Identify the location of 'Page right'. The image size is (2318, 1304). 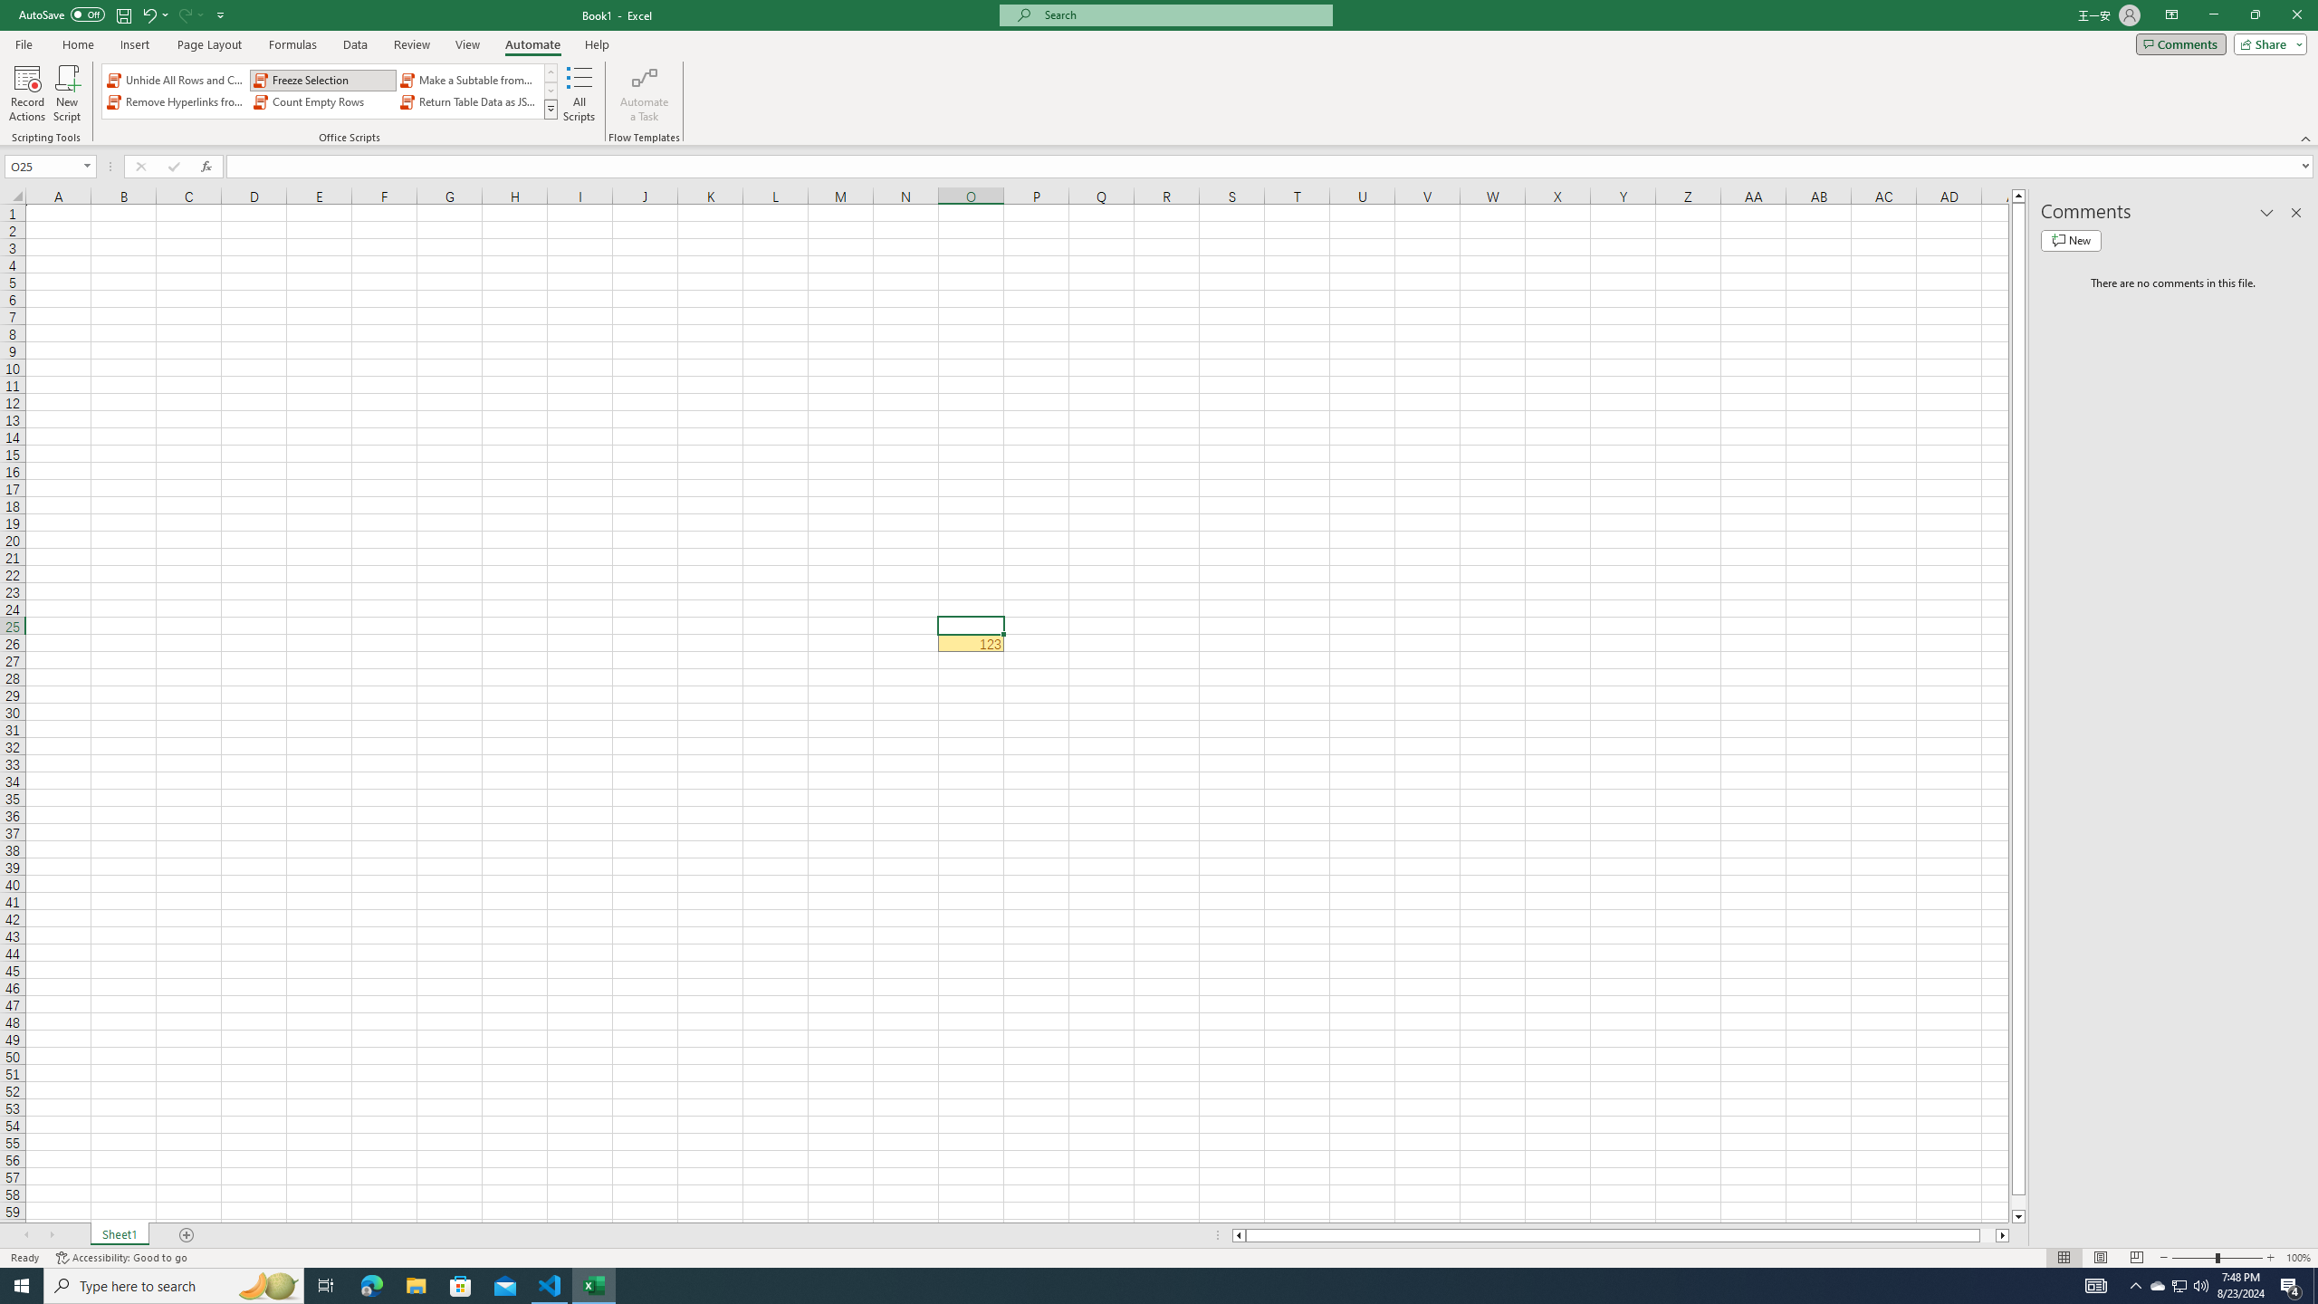
(1987, 1234).